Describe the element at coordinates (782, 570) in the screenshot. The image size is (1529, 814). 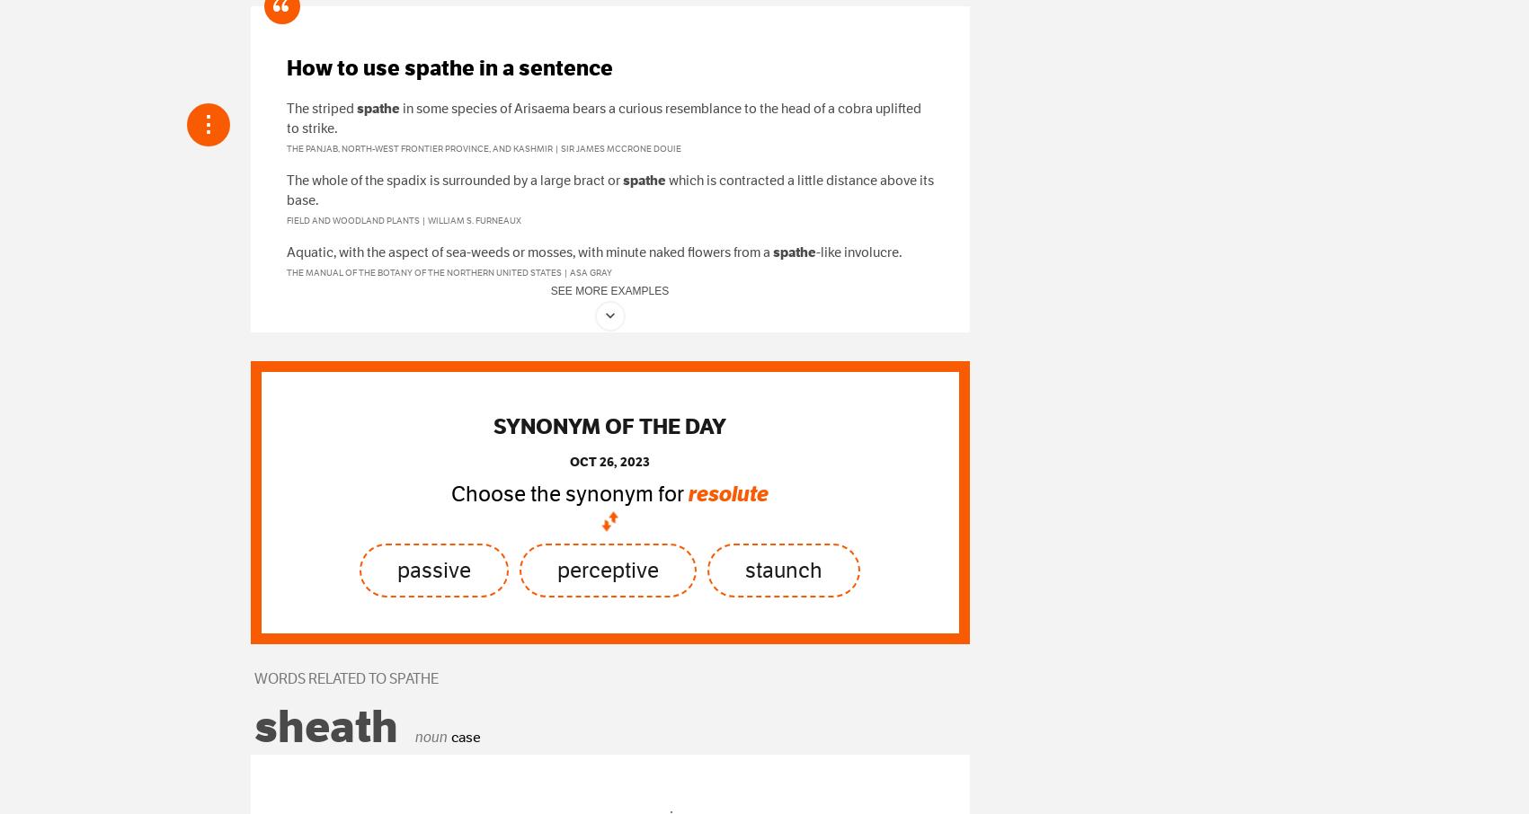
I see `'staunch'` at that location.